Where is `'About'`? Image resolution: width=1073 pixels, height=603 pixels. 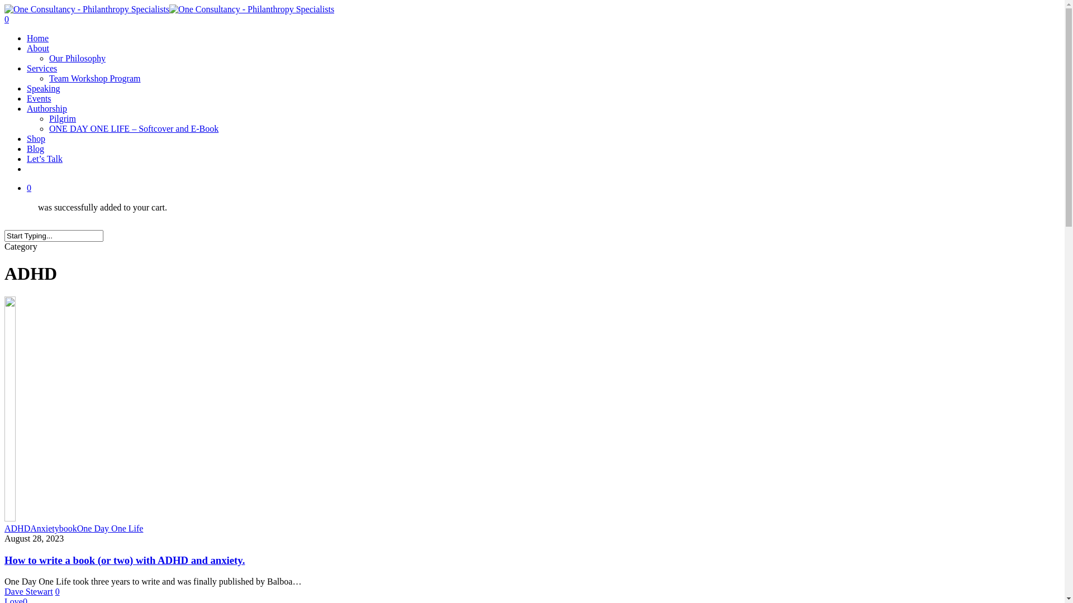
'About' is located at coordinates (37, 47).